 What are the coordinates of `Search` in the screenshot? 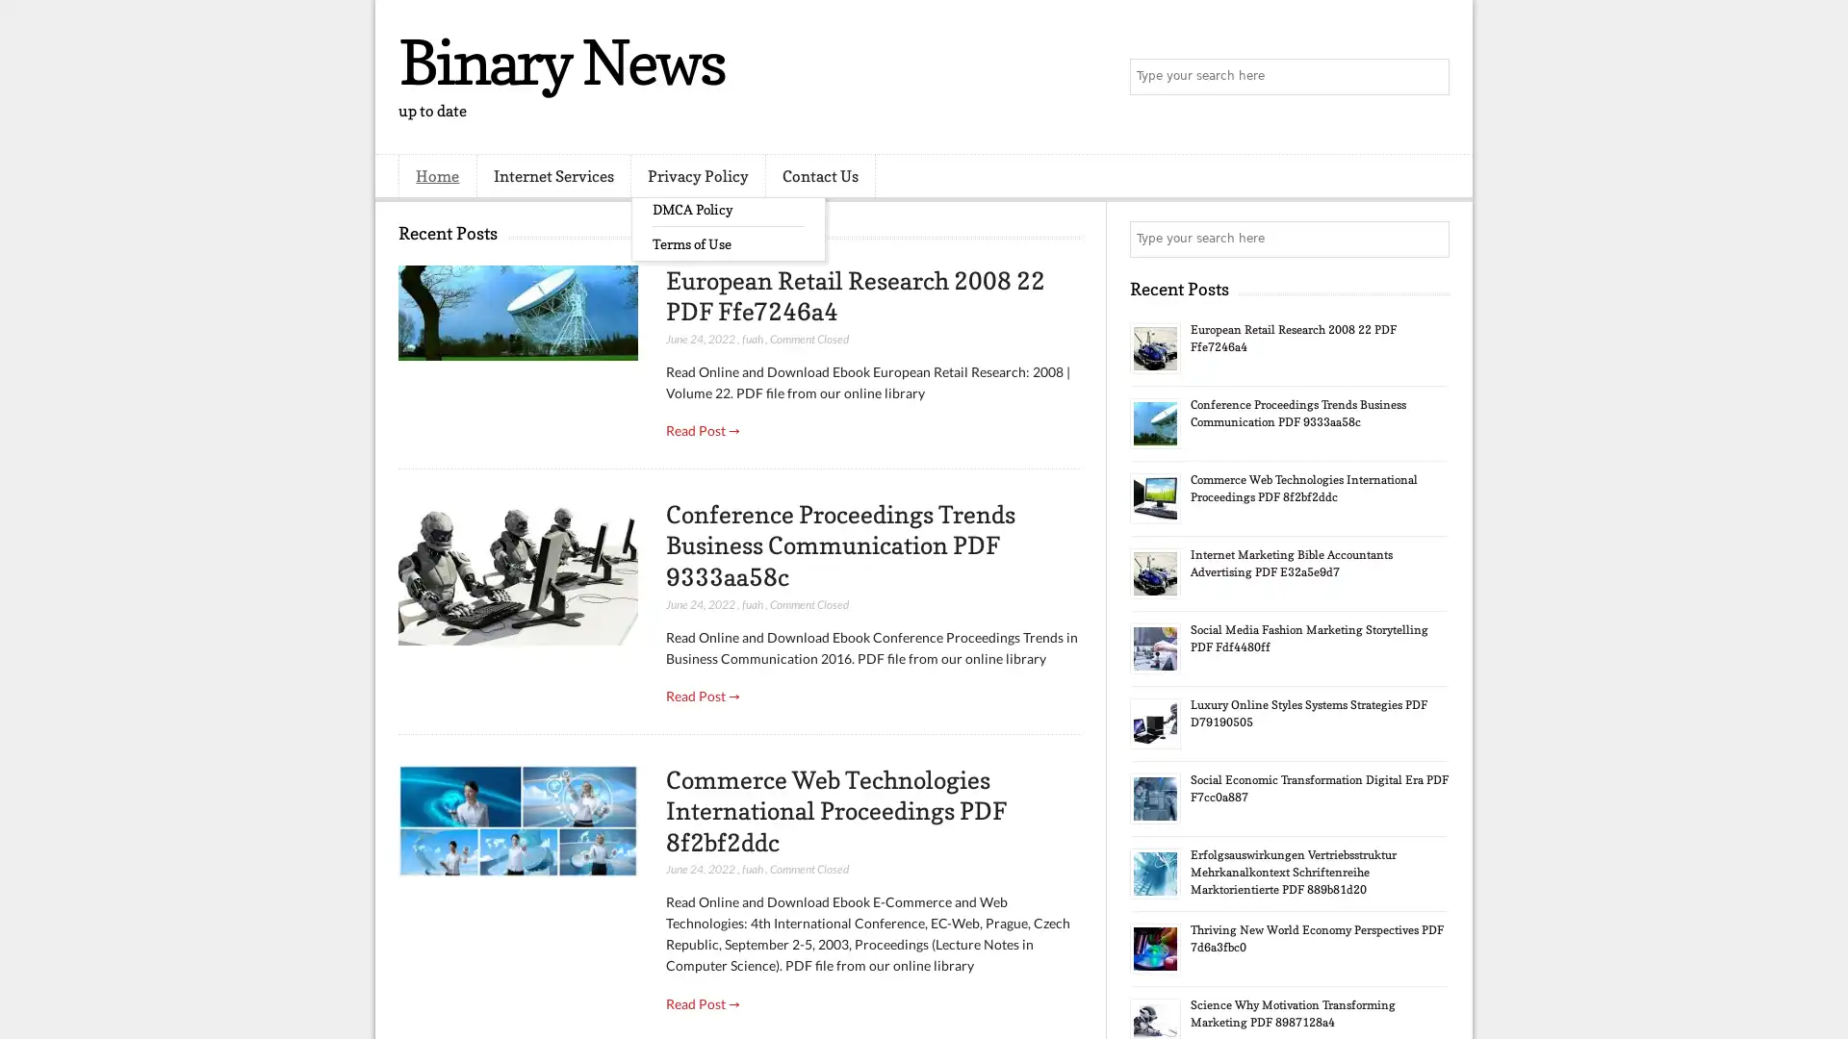 It's located at (1429, 77).